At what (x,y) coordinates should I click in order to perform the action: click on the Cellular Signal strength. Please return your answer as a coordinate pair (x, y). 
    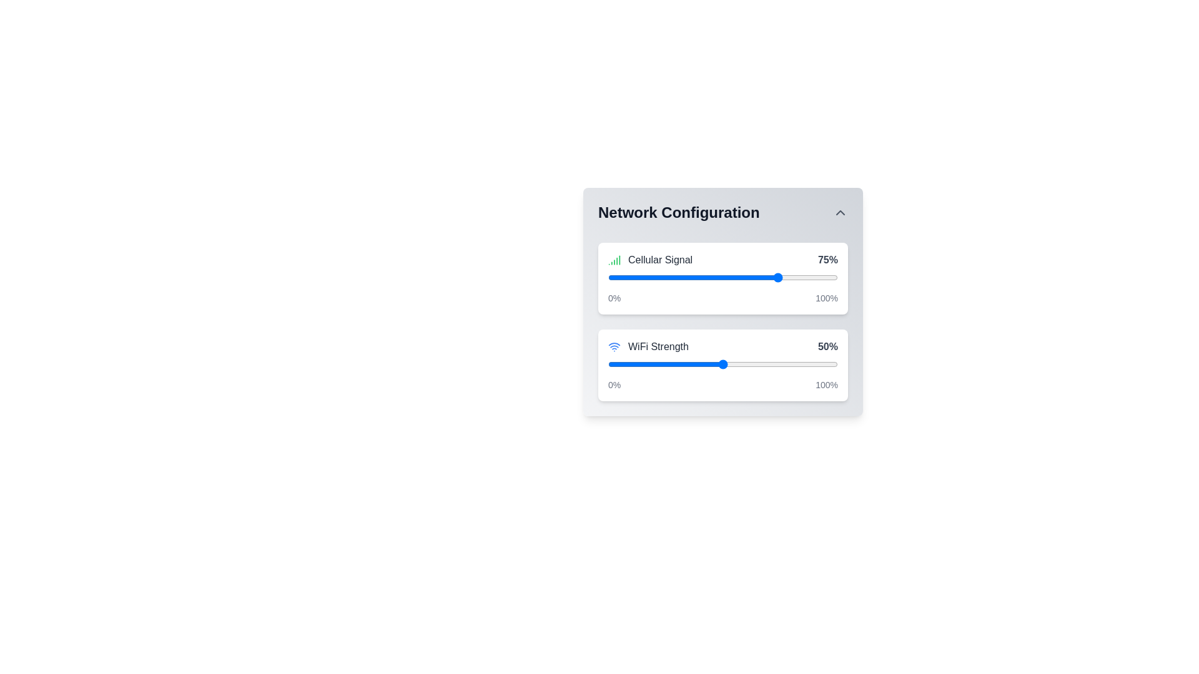
    Looking at the image, I should click on (766, 276).